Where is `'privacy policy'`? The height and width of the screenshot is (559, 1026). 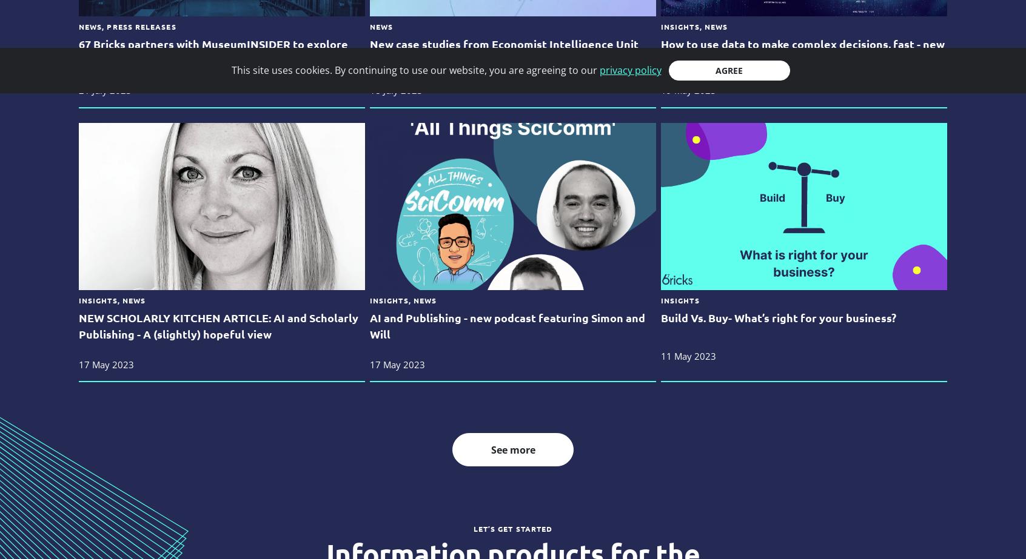 'privacy policy' is located at coordinates (629, 70).